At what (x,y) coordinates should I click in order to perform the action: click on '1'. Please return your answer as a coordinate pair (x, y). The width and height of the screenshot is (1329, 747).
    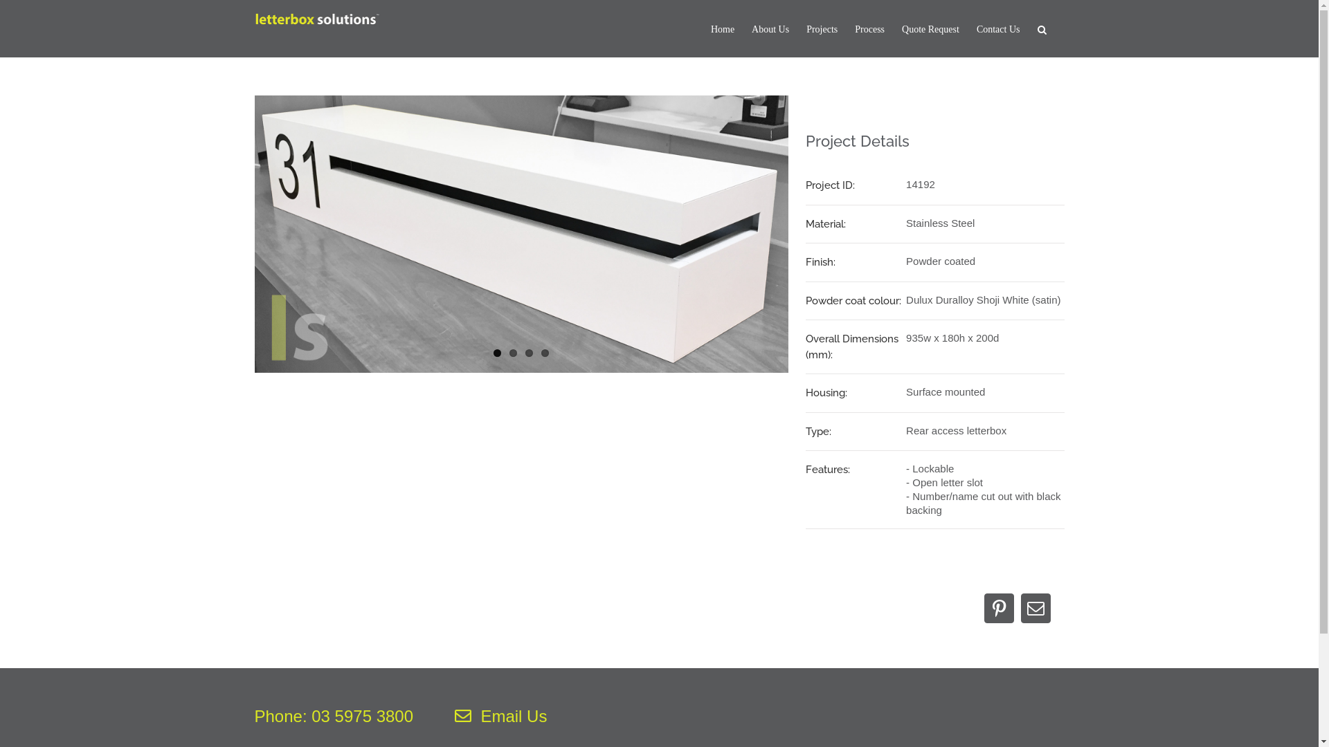
    Looking at the image, I should click on (497, 352).